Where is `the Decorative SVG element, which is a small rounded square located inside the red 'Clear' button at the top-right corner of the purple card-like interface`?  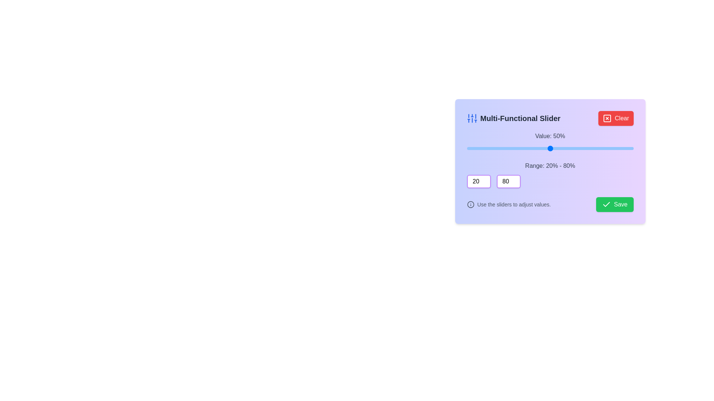 the Decorative SVG element, which is a small rounded square located inside the red 'Clear' button at the top-right corner of the purple card-like interface is located at coordinates (607, 118).